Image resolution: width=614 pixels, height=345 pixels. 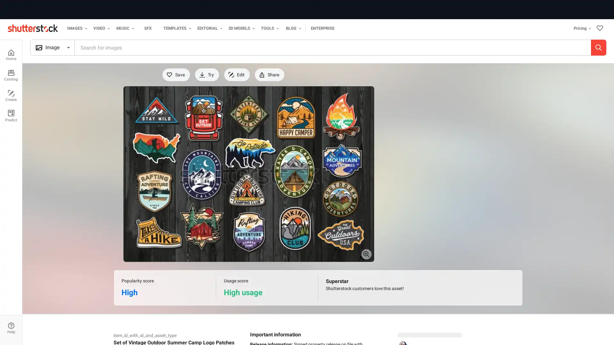 What do you see at coordinates (362, 10) in the screenshot?
I see `Start your free trial` at bounding box center [362, 10].